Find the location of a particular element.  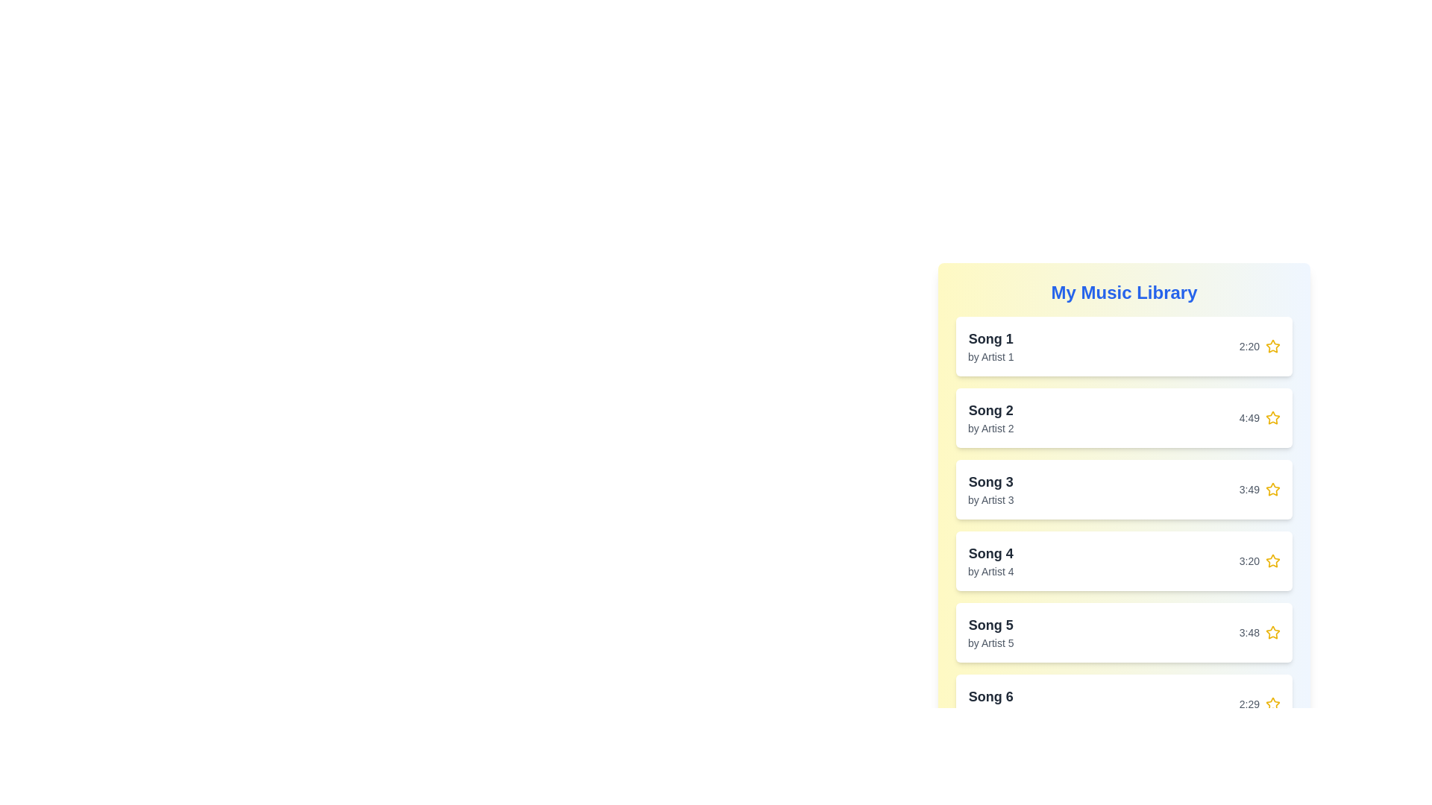

the star icon located to the right of 'Song 3' in the 'My Music Library' section is located at coordinates (1271, 488).